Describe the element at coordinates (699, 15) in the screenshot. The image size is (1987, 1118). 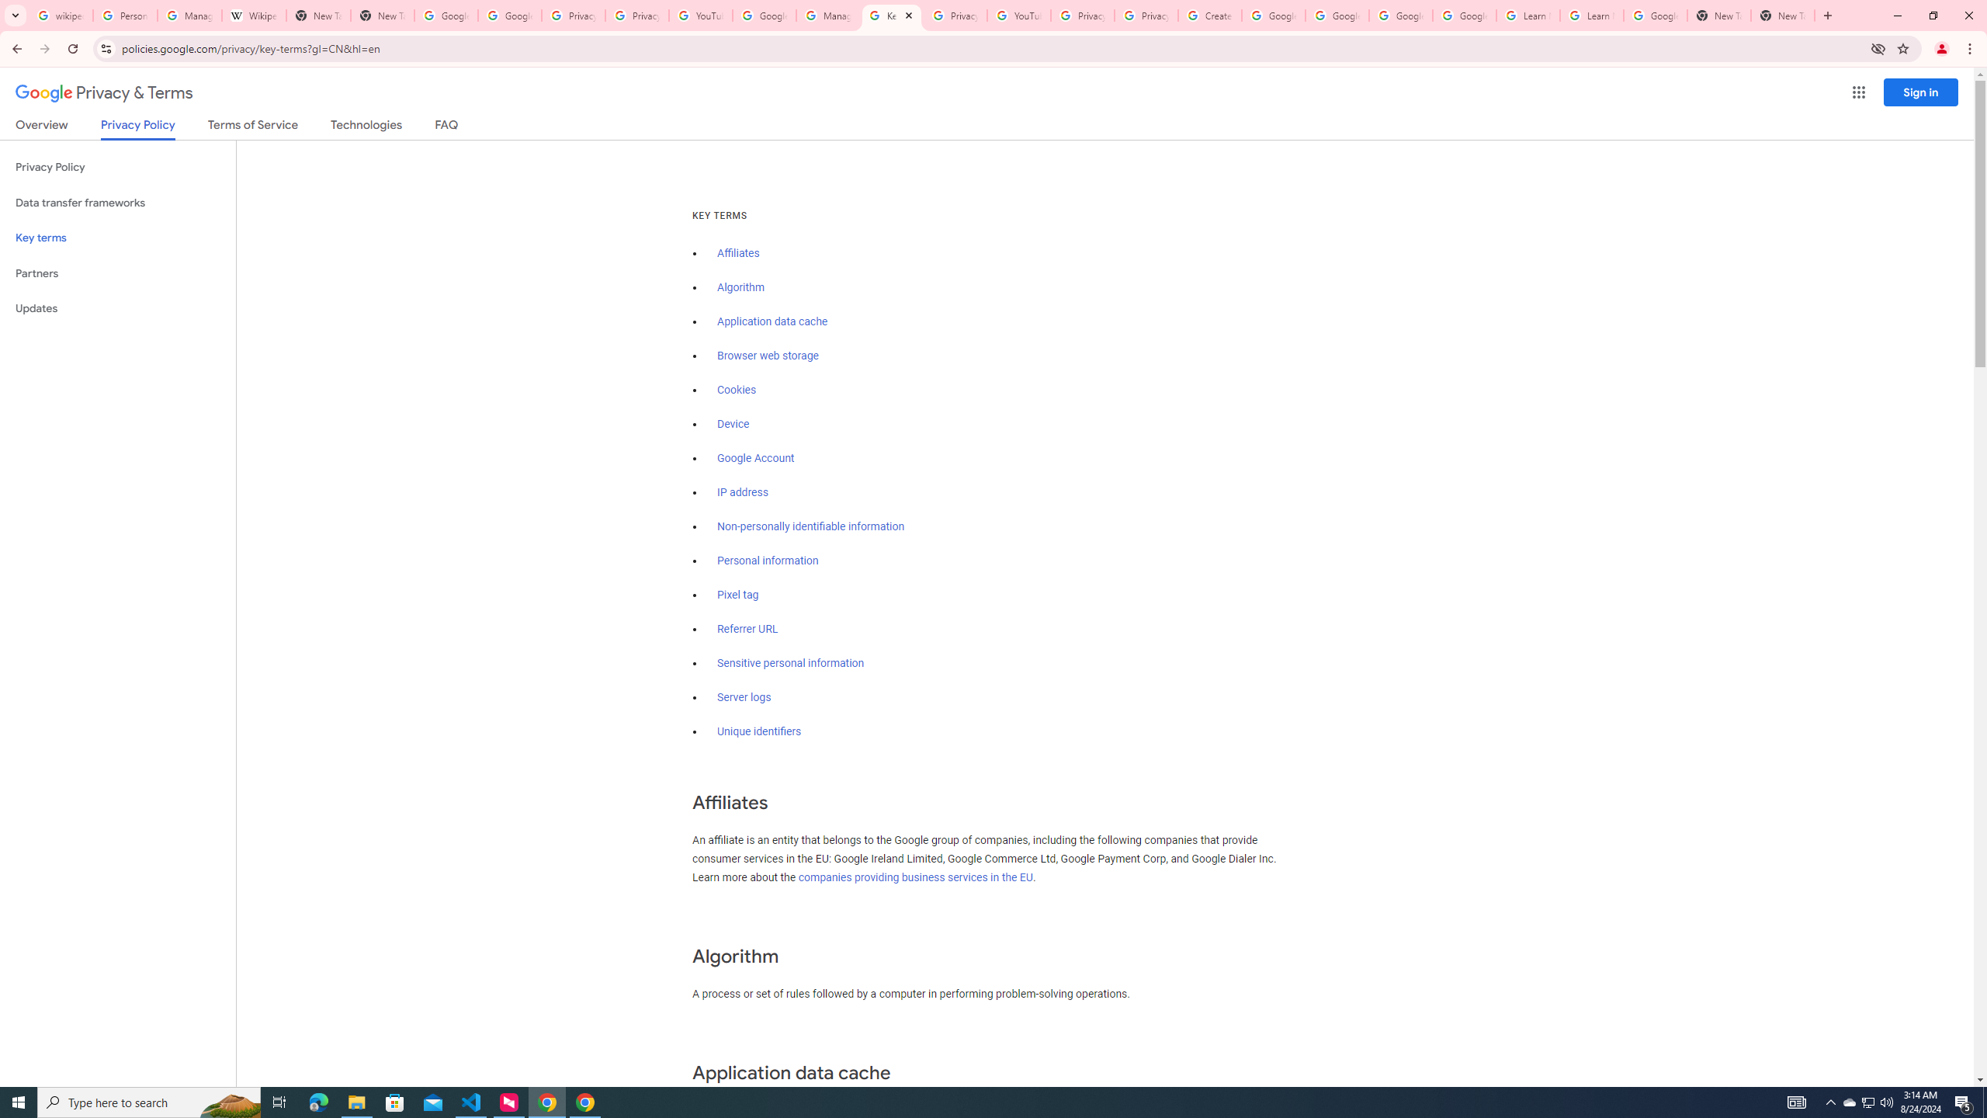
I see `'YouTube'` at that location.